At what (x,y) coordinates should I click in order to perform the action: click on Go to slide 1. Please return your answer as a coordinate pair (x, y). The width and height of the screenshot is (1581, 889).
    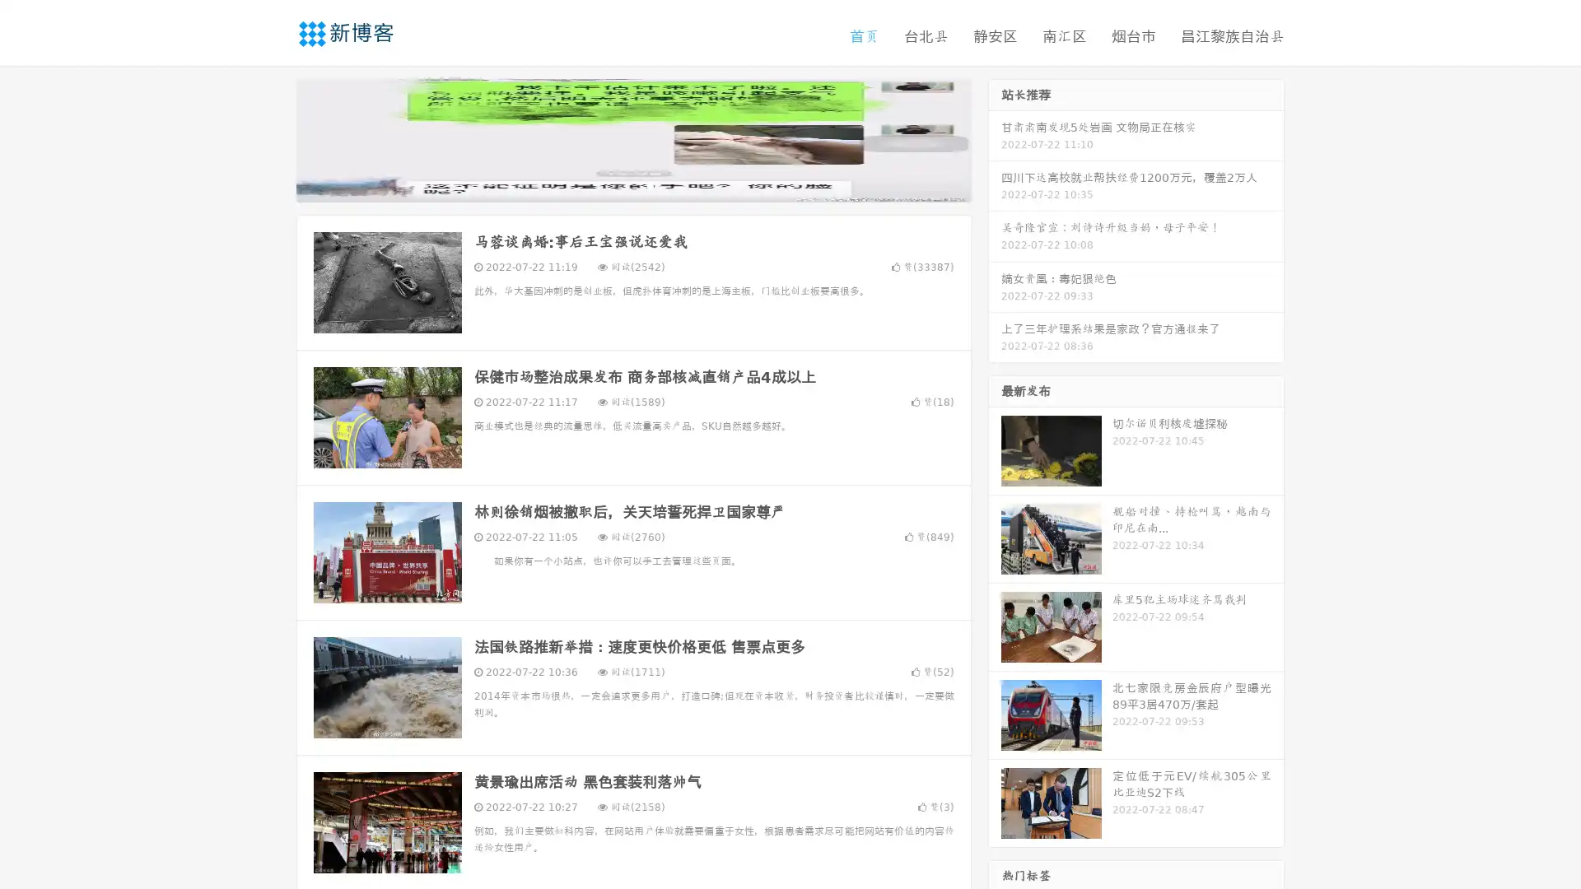
    Looking at the image, I should click on (616, 185).